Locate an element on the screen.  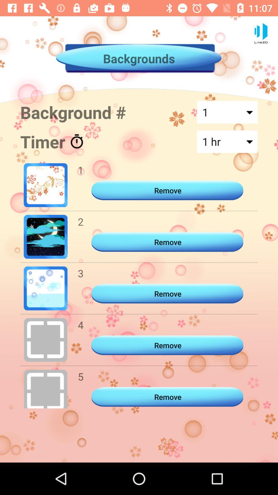
icon below the 2 is located at coordinates (81, 273).